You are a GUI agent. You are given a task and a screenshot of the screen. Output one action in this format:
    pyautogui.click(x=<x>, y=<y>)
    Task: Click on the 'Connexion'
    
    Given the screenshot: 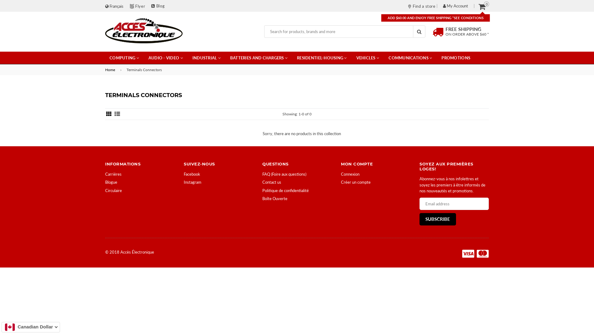 What is the action you would take?
    pyautogui.click(x=350, y=174)
    